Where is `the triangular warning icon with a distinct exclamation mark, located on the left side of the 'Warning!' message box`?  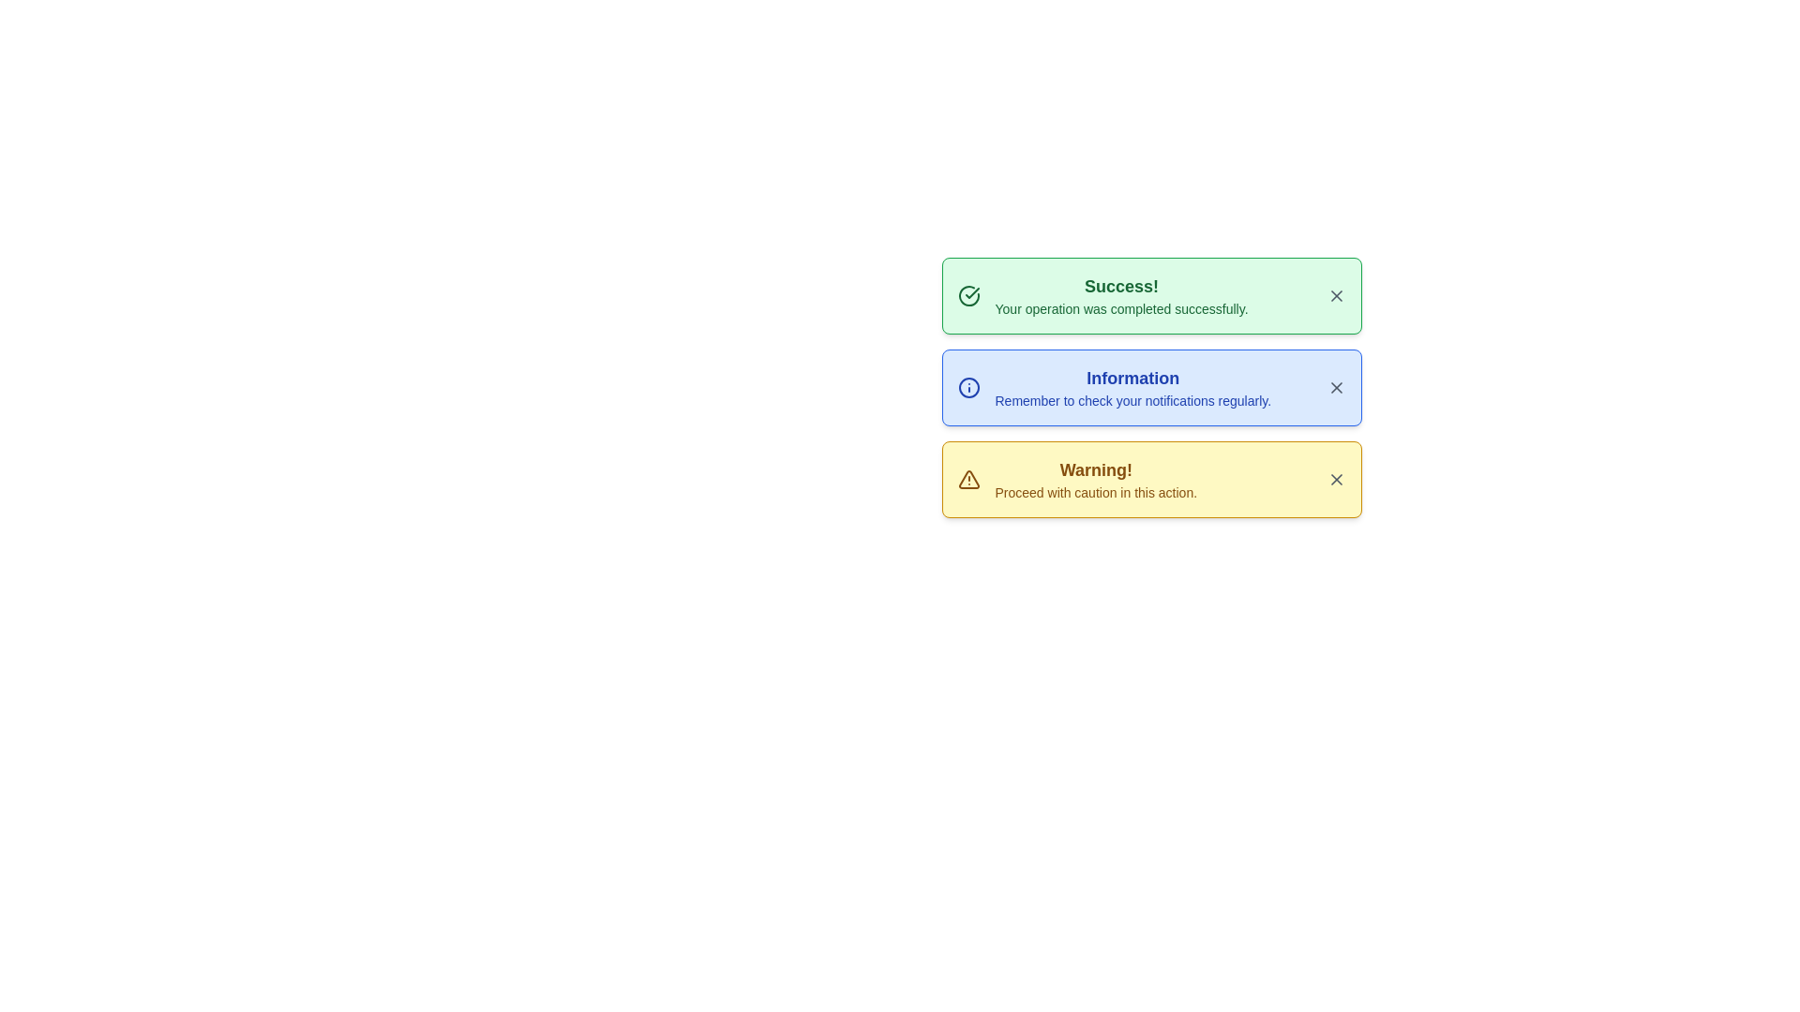 the triangular warning icon with a distinct exclamation mark, located on the left side of the 'Warning!' message box is located at coordinates (968, 479).